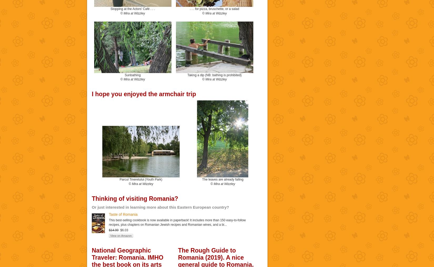  I want to click on 'Taking a dip (NB: bathing is prohibited)', so click(214, 74).